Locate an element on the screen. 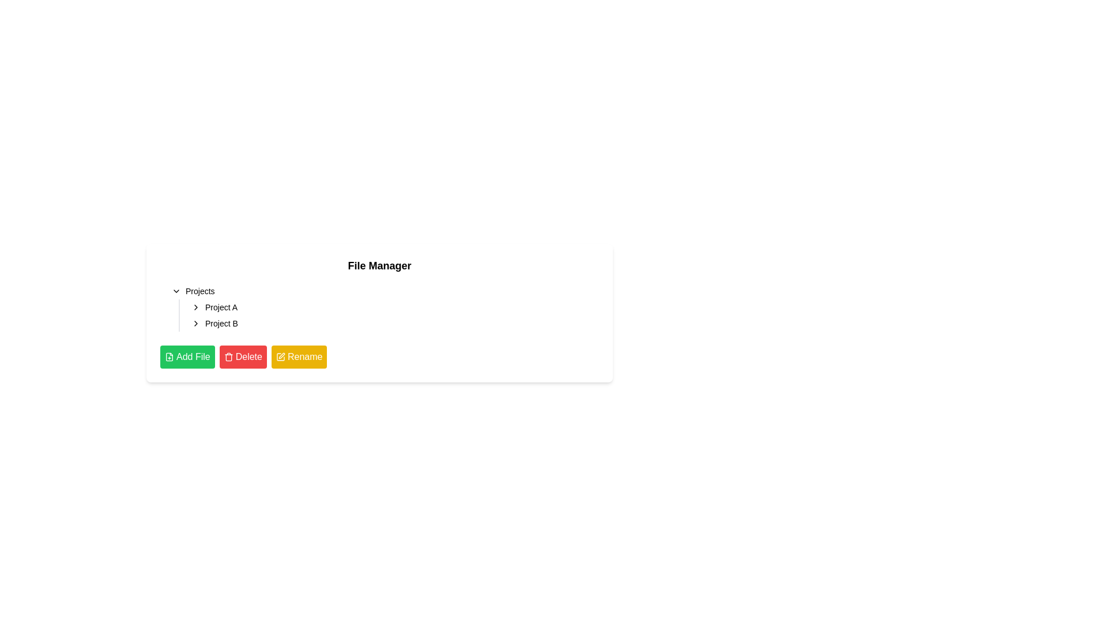 The image size is (1107, 623). the chevron icon located is located at coordinates (196, 323).